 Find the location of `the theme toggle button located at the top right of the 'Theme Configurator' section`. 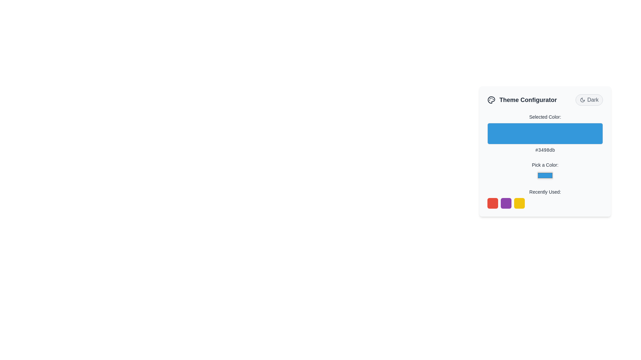

the theme toggle button located at the top right of the 'Theme Configurator' section is located at coordinates (589, 100).